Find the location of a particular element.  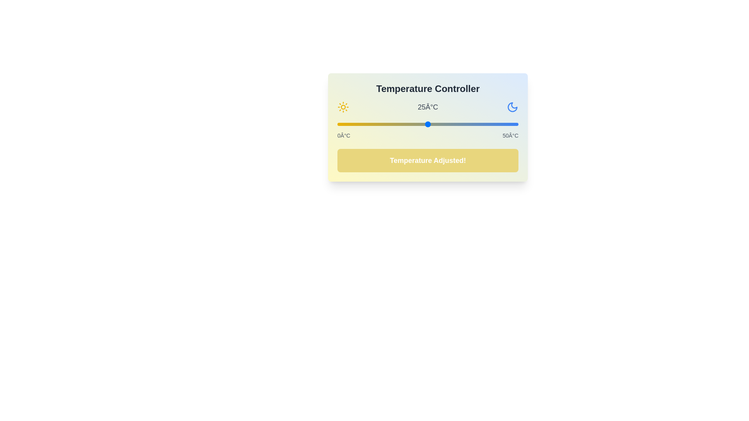

the slider to set the temperature to 35°C is located at coordinates (464, 124).